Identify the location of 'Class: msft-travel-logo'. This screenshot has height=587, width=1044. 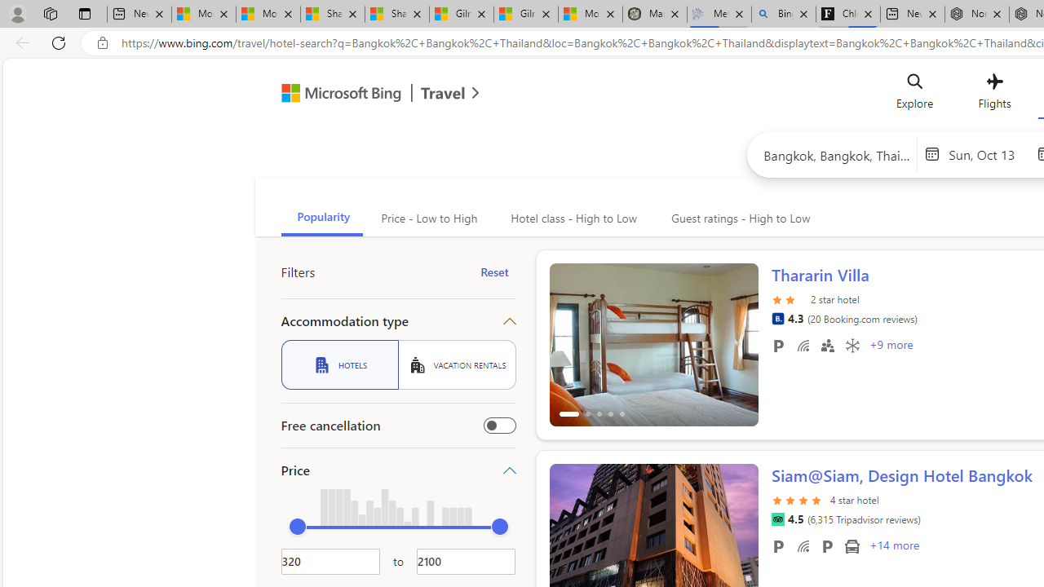
(443, 93).